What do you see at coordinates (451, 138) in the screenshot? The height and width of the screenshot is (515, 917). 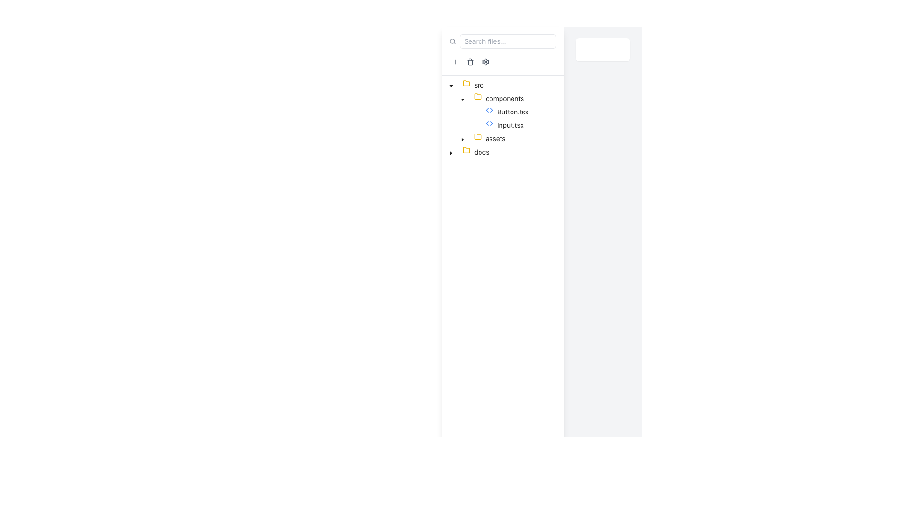 I see `the visual placeholder for indentation located at the leftmost part of the tree node labeled 'assets', which indicates its hierarchical nesting level` at bounding box center [451, 138].